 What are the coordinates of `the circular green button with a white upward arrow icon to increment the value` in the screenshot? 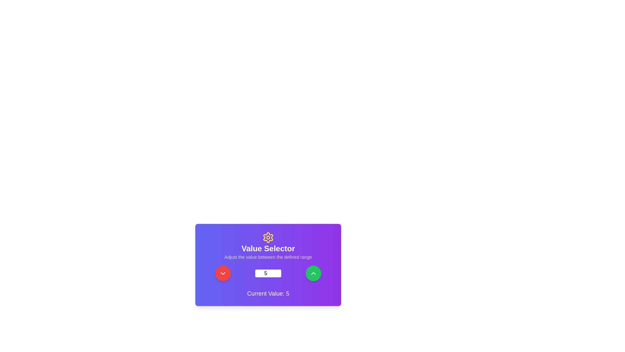 It's located at (313, 273).